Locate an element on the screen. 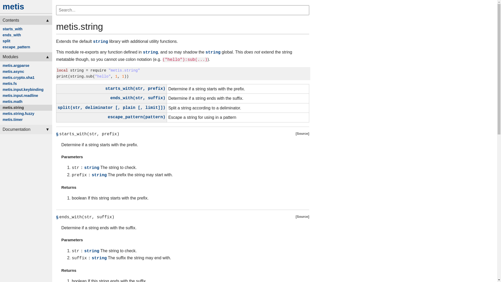  'string' is located at coordinates (99, 258).